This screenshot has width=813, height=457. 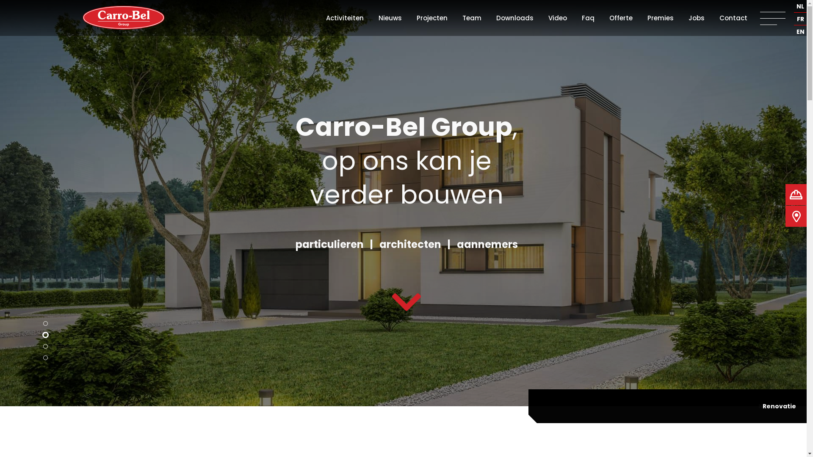 I want to click on 'Premies', so click(x=647, y=18).